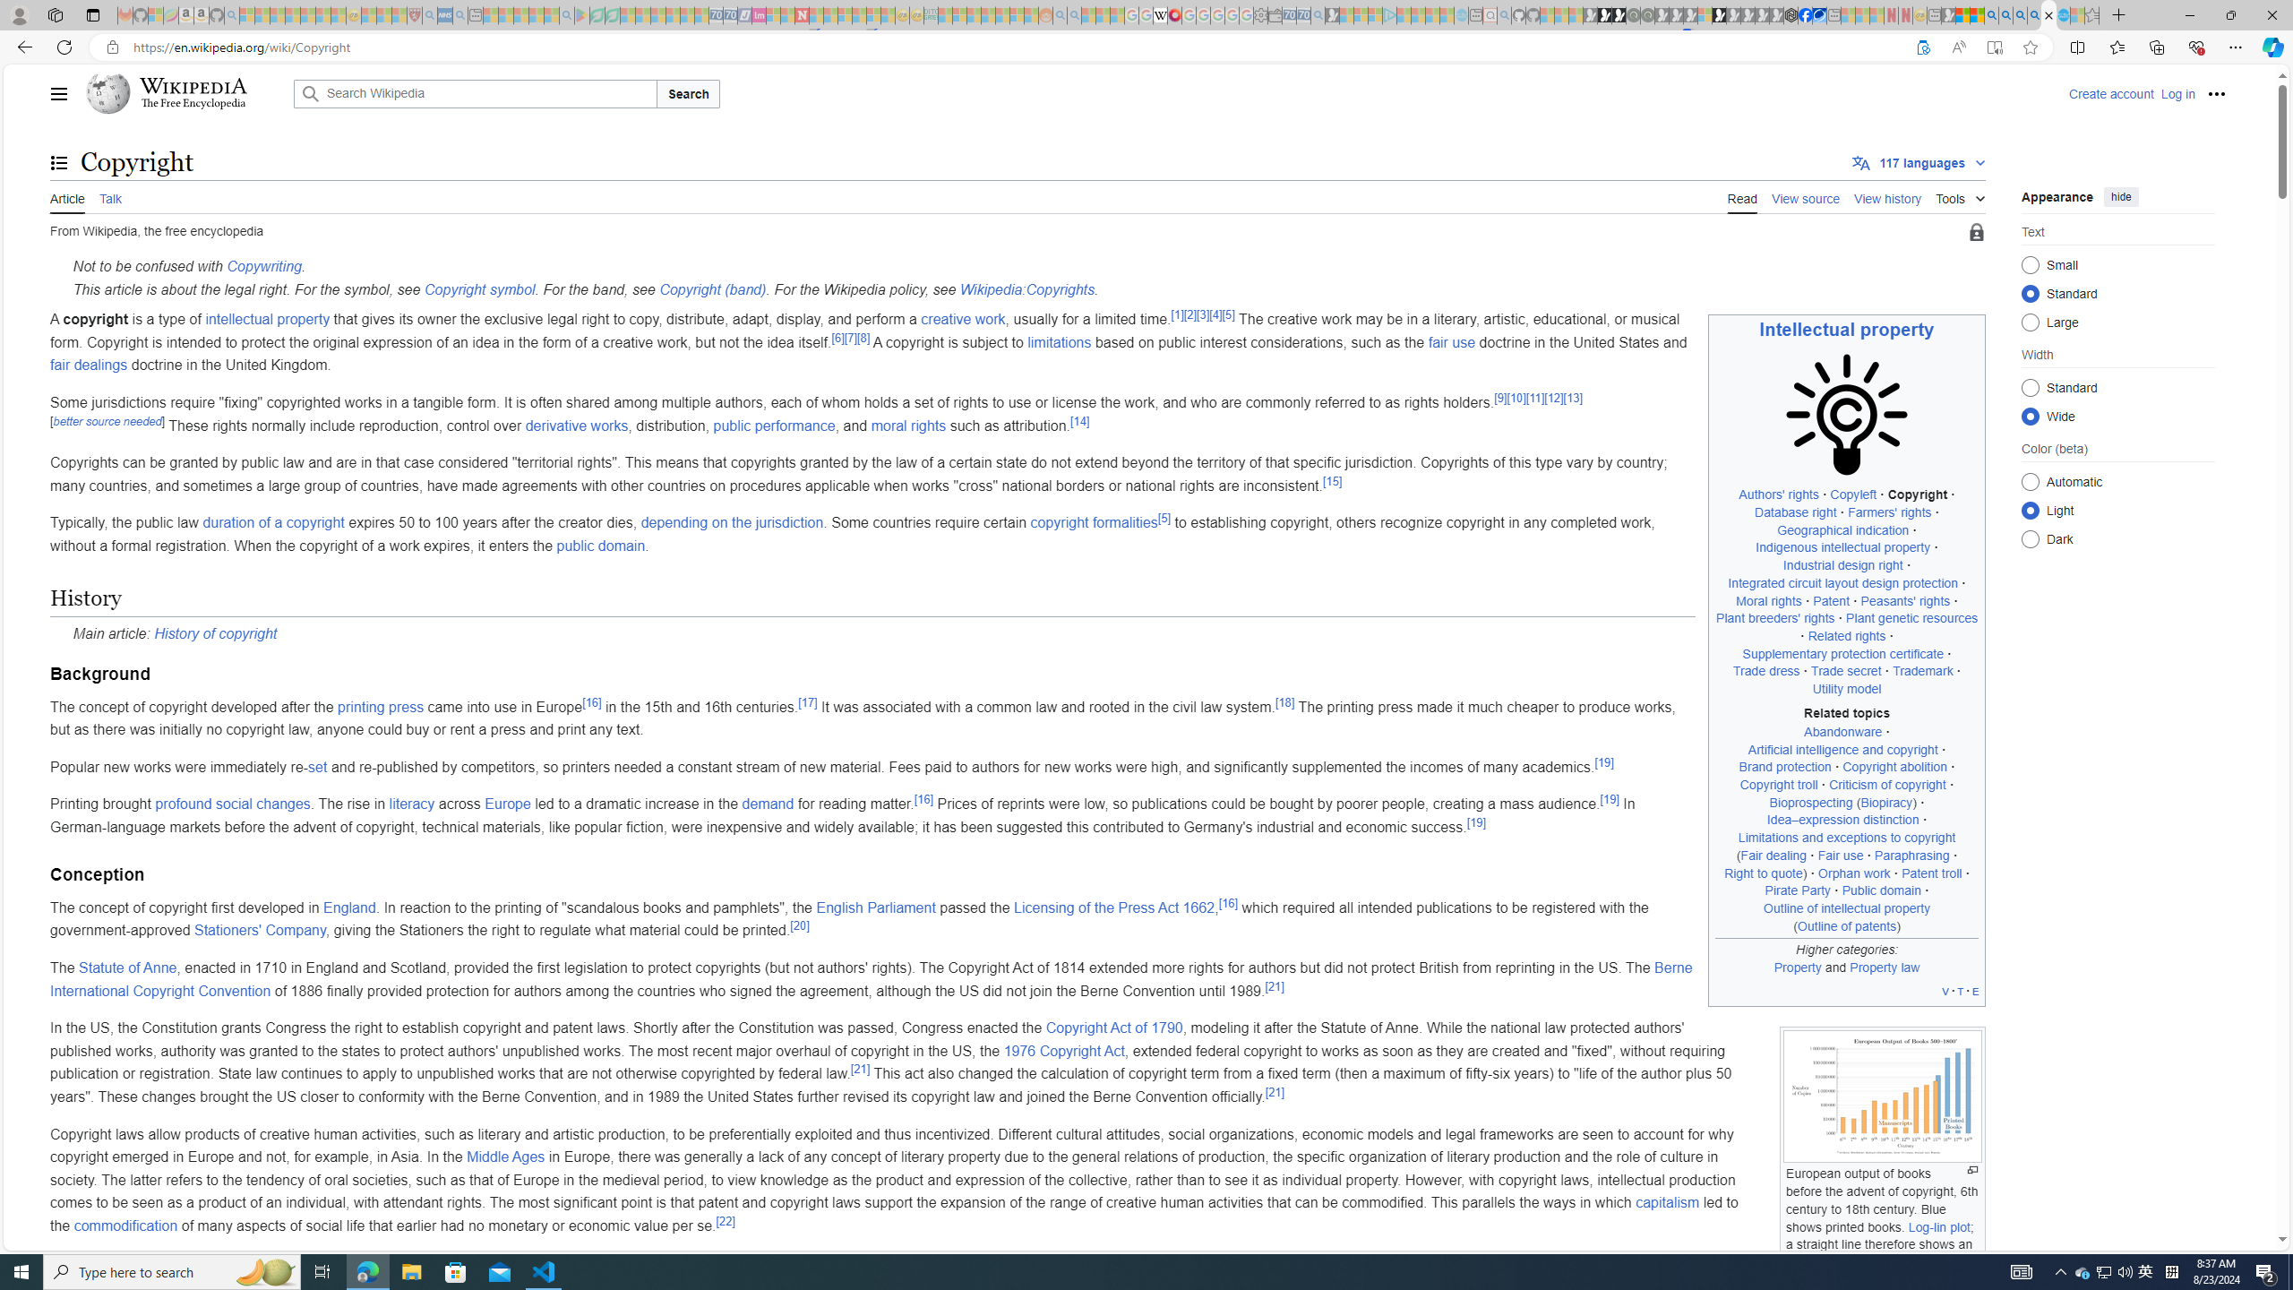  What do you see at coordinates (1847, 329) in the screenshot?
I see `'Intellectual property'` at bounding box center [1847, 329].